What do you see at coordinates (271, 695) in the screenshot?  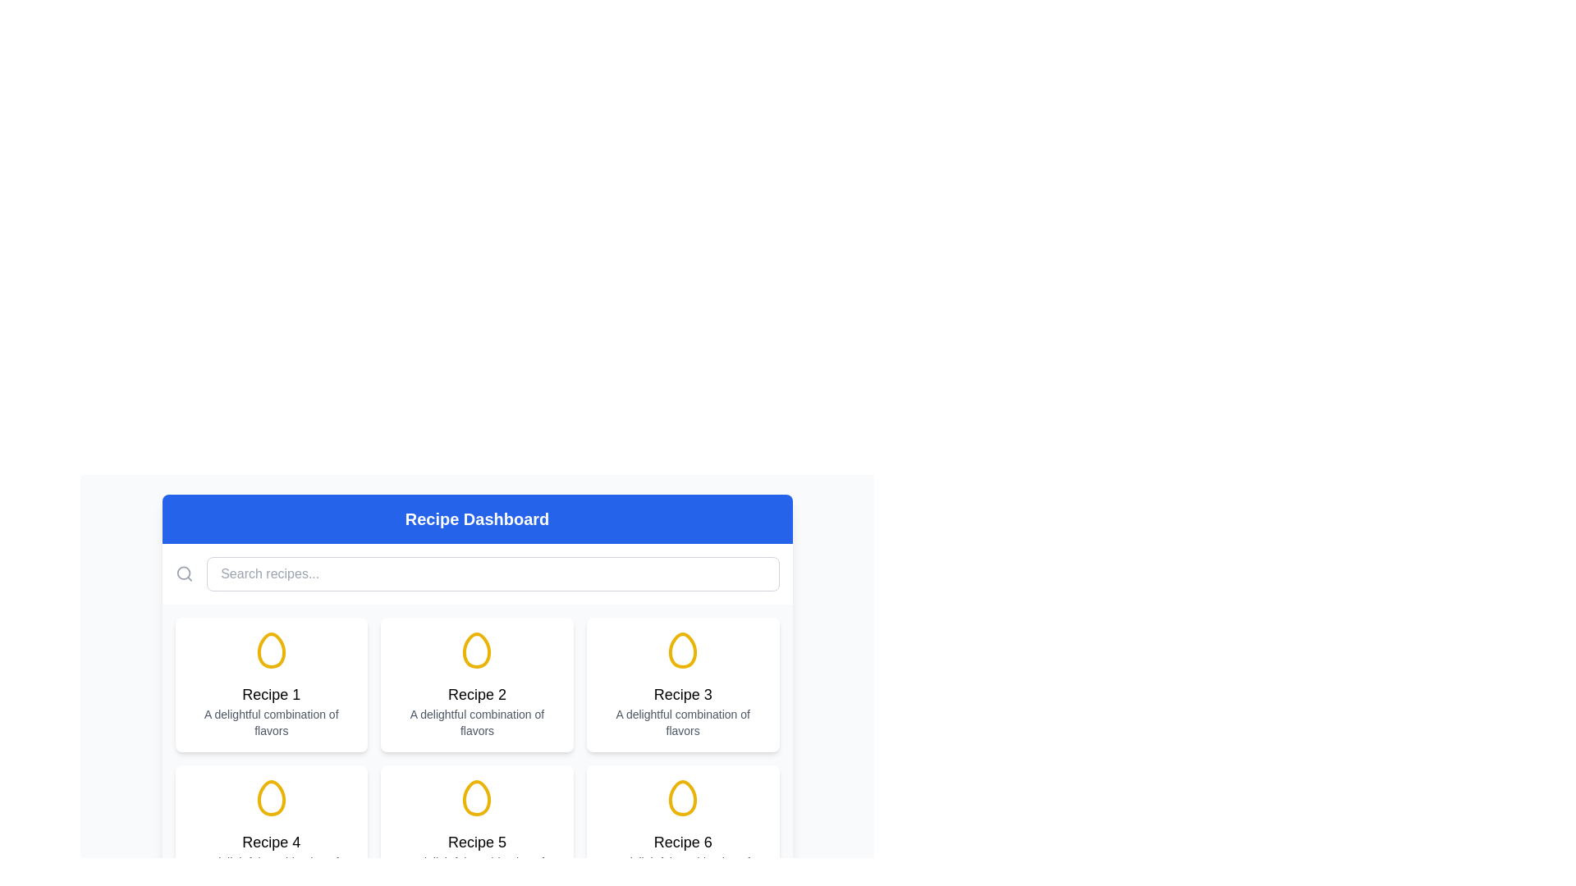 I see `the text label indicating the recipe name` at bounding box center [271, 695].